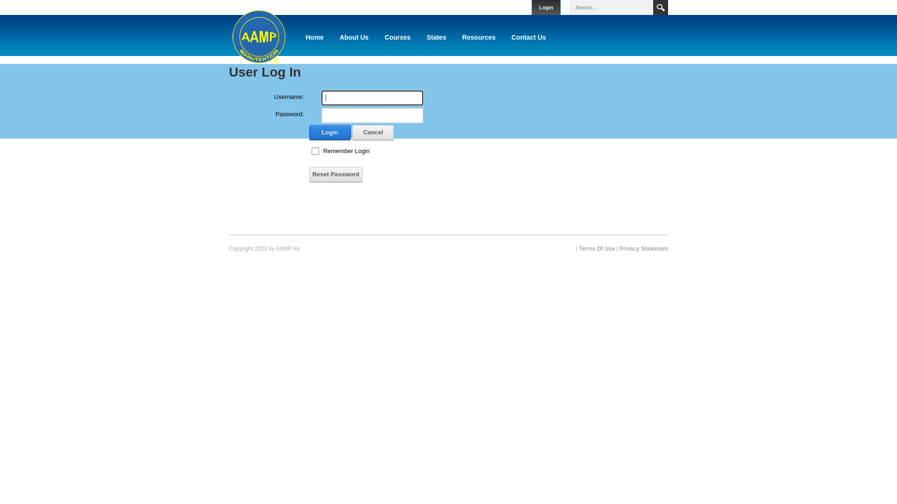 This screenshot has height=504, width=897. I want to click on 'Cancel', so click(372, 133).